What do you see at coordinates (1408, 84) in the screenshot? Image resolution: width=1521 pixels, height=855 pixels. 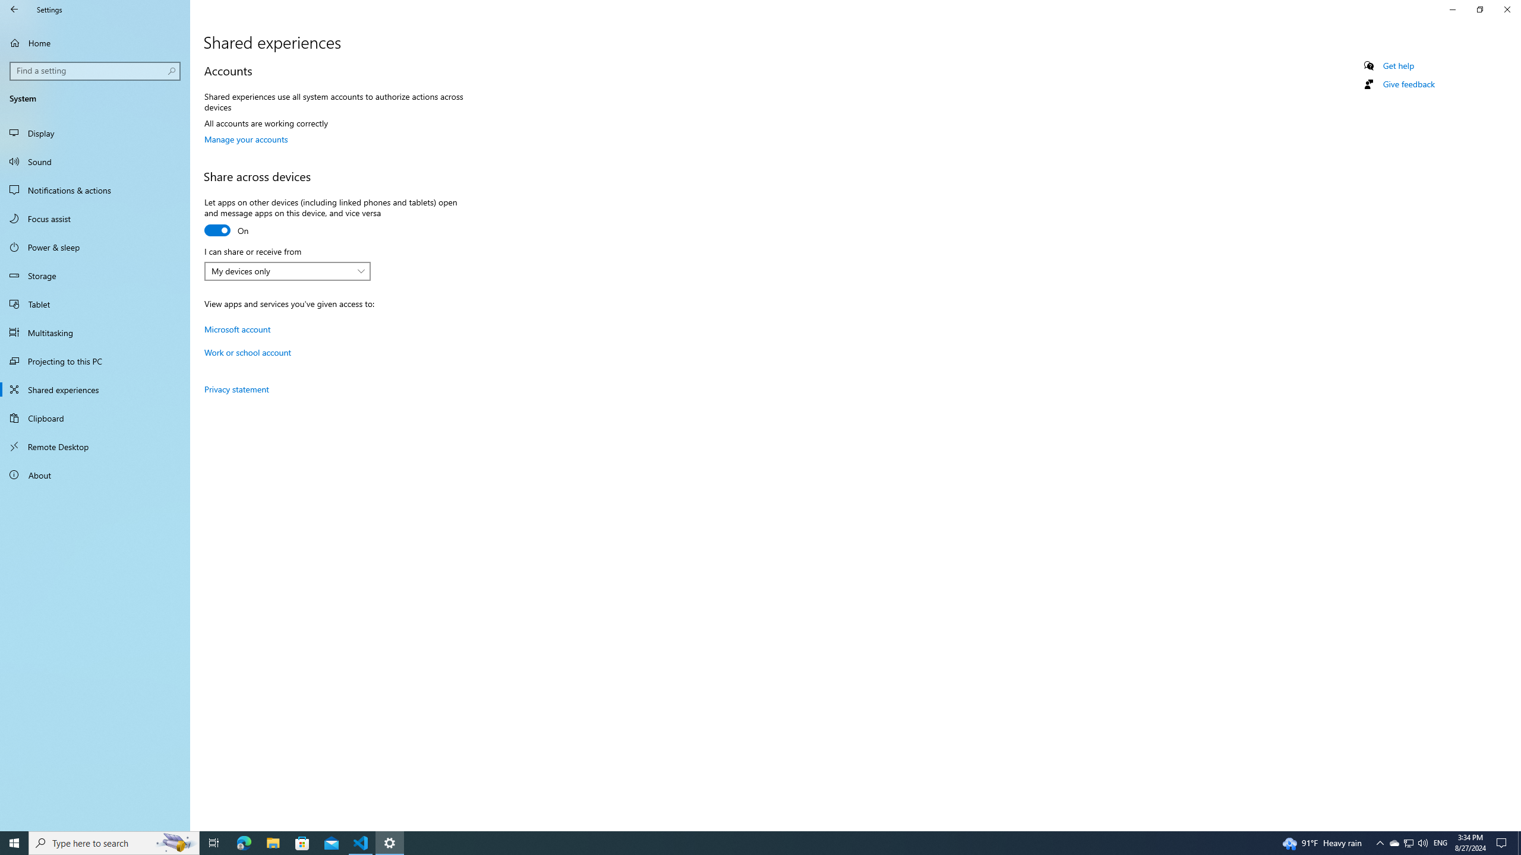 I see `'Give feedback'` at bounding box center [1408, 84].